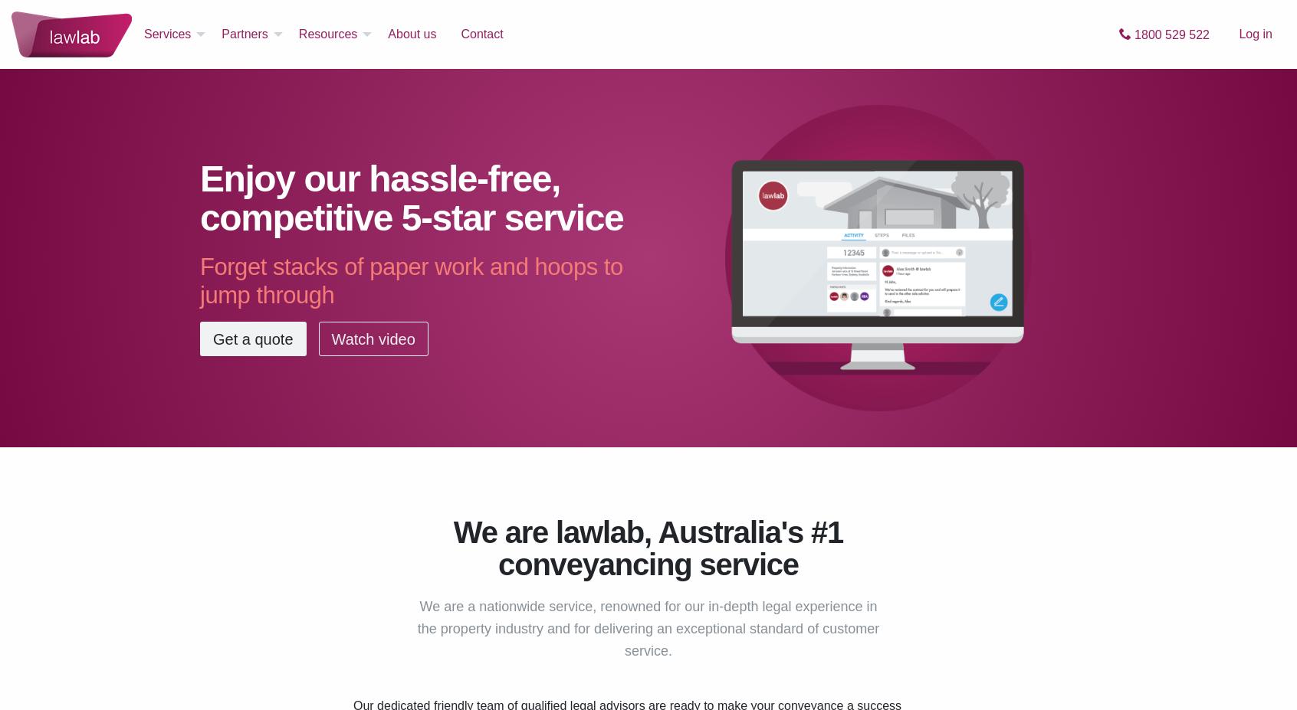  I want to click on 'Partners', so click(243, 33).